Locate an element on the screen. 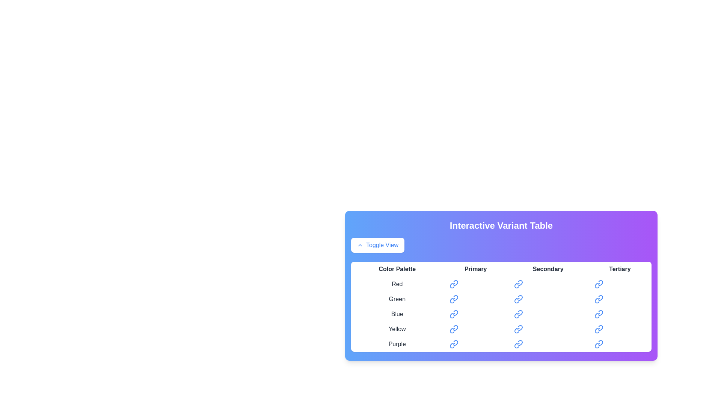 The height and width of the screenshot is (405, 721). the blue link icon in the 'Interactive Variant Table' located at the intersection of the 'Yellow' row and 'Primary' column is located at coordinates (453, 329).